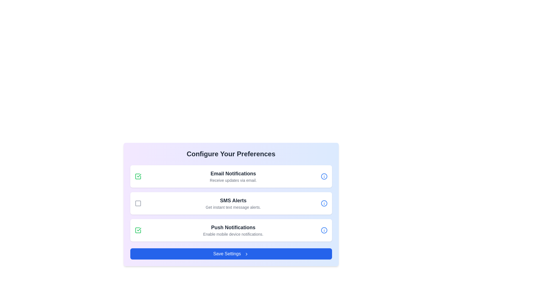 The height and width of the screenshot is (303, 538). I want to click on the small chevron icon pointing to the right, located beside the 'Save Settings' text within the blue button at the bottom of the interface, so click(247, 254).